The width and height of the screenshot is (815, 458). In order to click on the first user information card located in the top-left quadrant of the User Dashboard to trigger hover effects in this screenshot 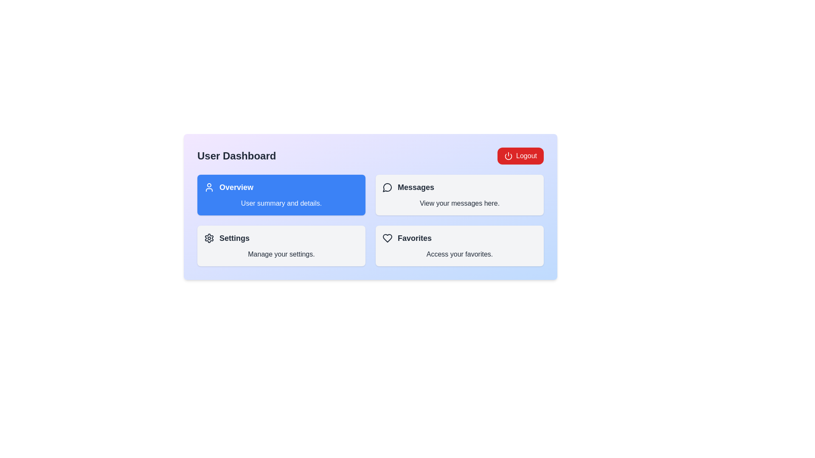, I will do `click(281, 195)`.